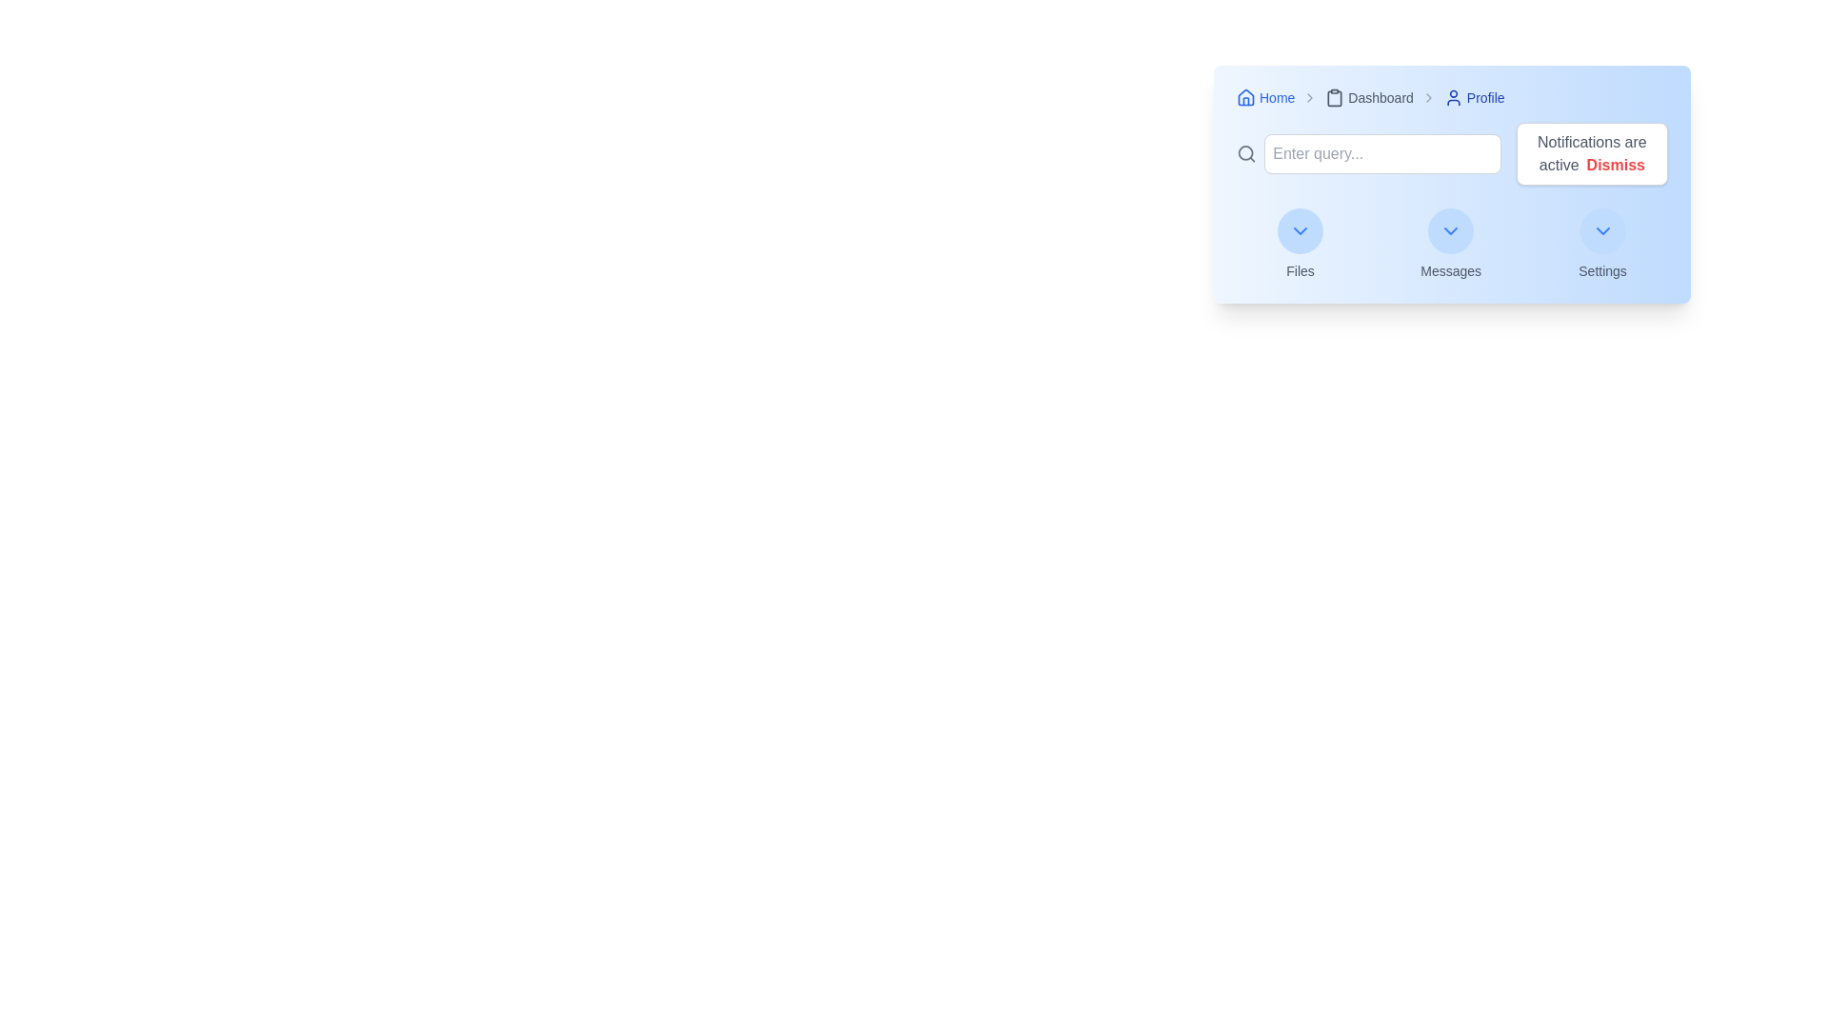 The image size is (1828, 1028). What do you see at coordinates (1309, 98) in the screenshot?
I see `the Decorative Chevron Icon located between 'Home' and 'Dashboard' in the breadcrumb navigation bar` at bounding box center [1309, 98].